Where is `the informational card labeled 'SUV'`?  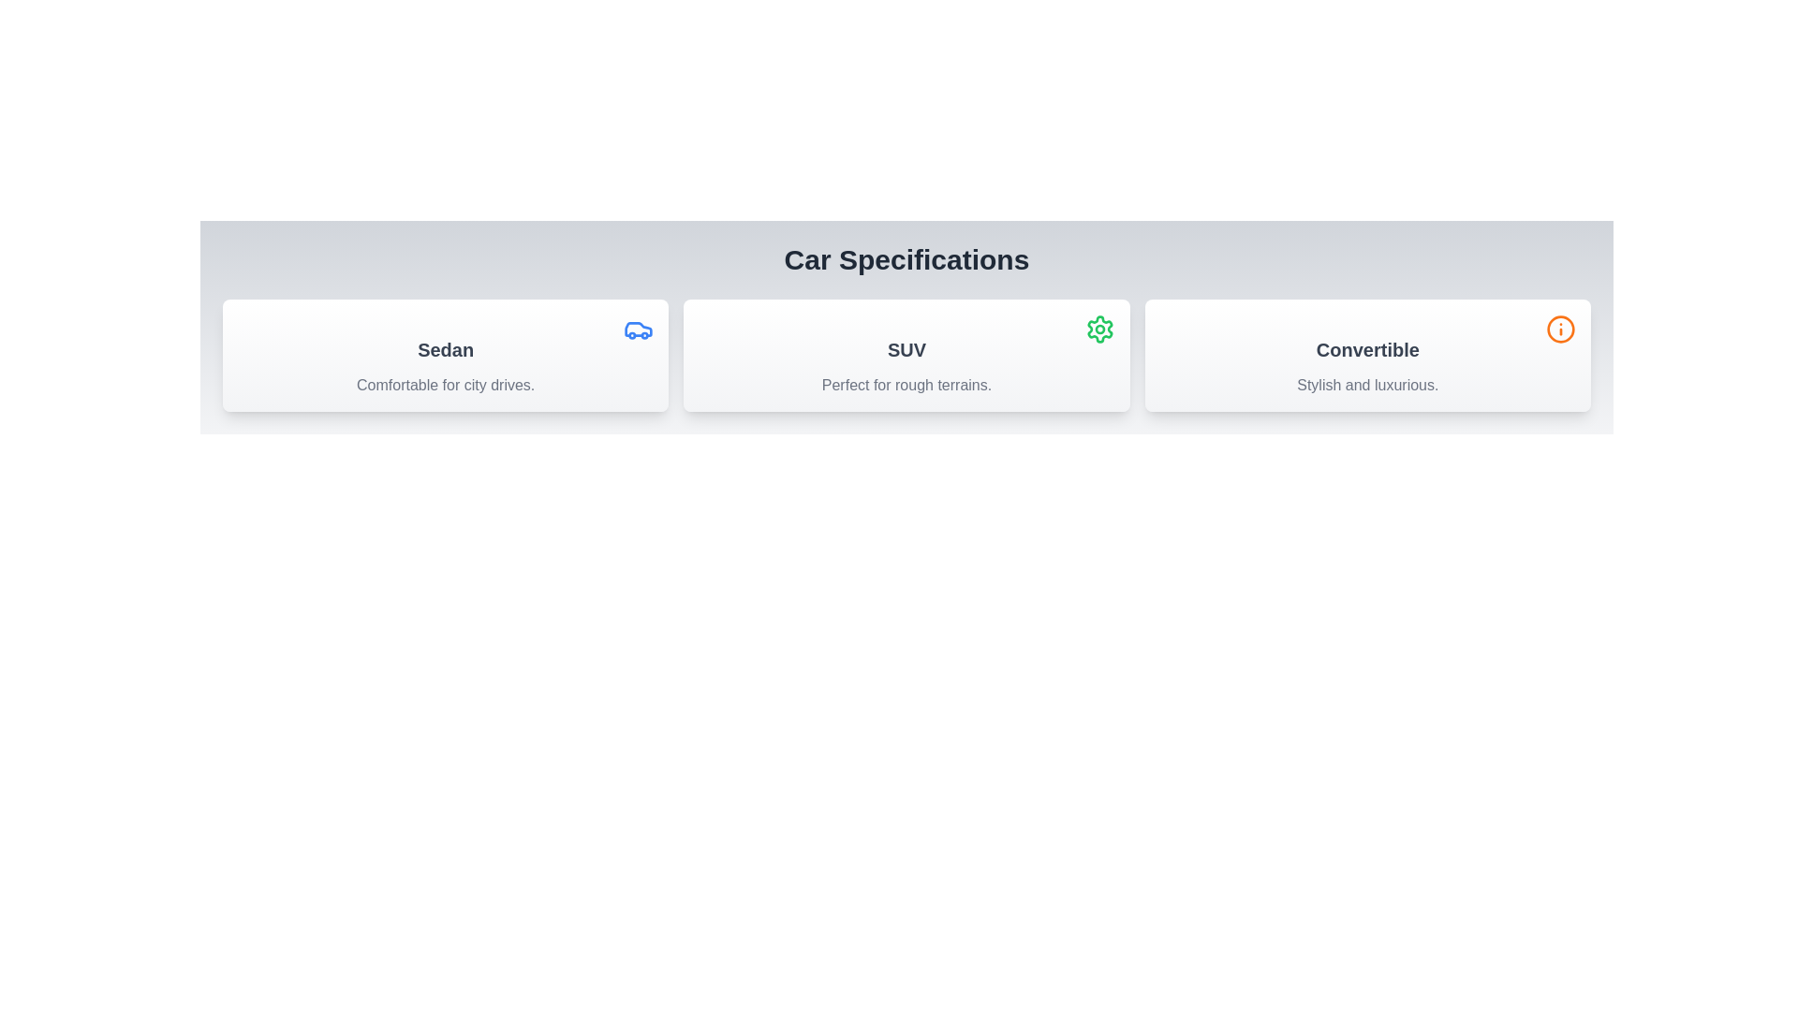
the informational card labeled 'SUV' is located at coordinates (906, 356).